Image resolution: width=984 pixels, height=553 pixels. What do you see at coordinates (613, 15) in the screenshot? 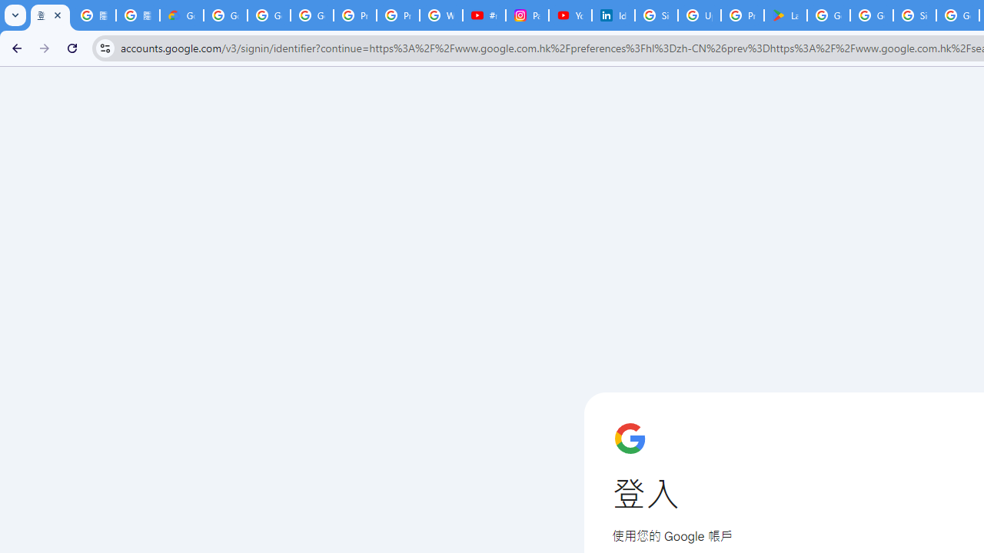
I see `'Identity verification via Persona | LinkedIn Help'` at bounding box center [613, 15].